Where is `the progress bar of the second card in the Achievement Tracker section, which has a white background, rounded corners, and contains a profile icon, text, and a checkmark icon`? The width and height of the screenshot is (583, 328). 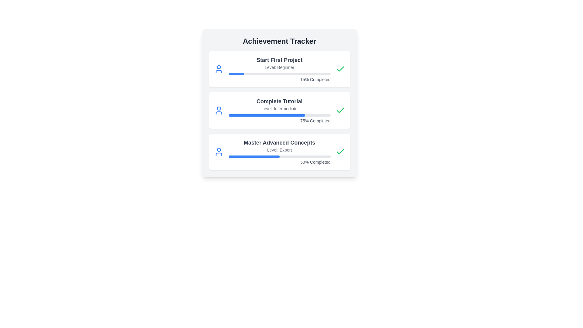 the progress bar of the second card in the Achievement Tracker section, which has a white background, rounded corners, and contains a profile icon, text, and a checkmark icon is located at coordinates (279, 110).